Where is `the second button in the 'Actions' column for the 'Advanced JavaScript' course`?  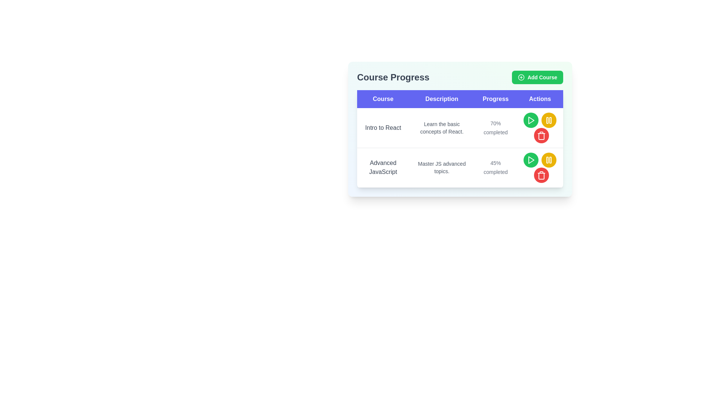 the second button in the 'Actions' column for the 'Advanced JavaScript' course is located at coordinates (549, 120).